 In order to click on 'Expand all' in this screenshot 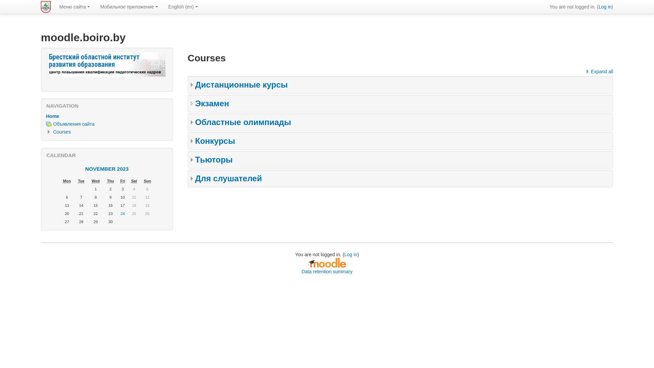, I will do `click(598, 71)`.